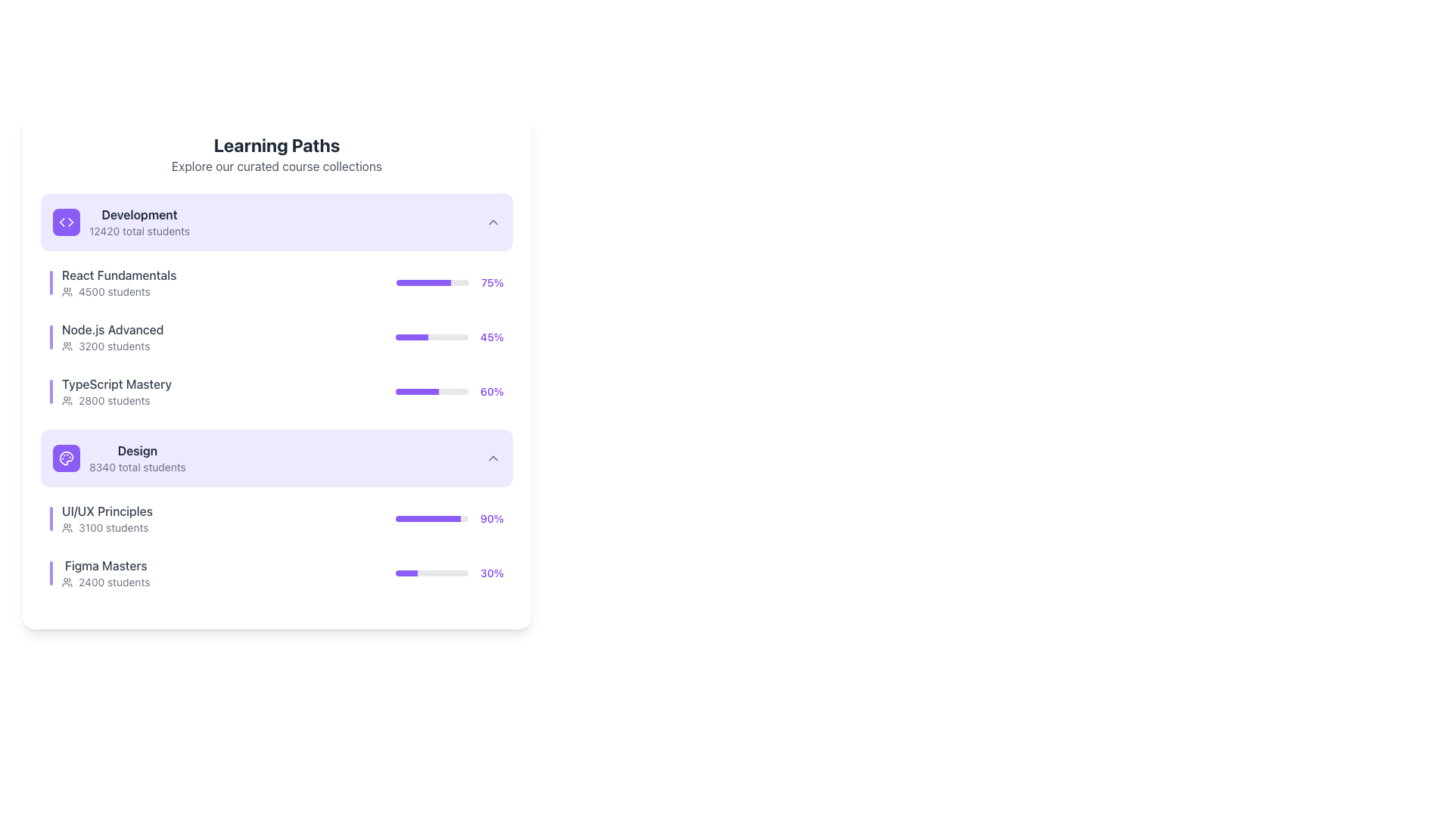 This screenshot has height=817, width=1453. What do you see at coordinates (116, 390) in the screenshot?
I see `the title of the 'TypeScript Mastery' course in the navigable list under the 'Development' section` at bounding box center [116, 390].